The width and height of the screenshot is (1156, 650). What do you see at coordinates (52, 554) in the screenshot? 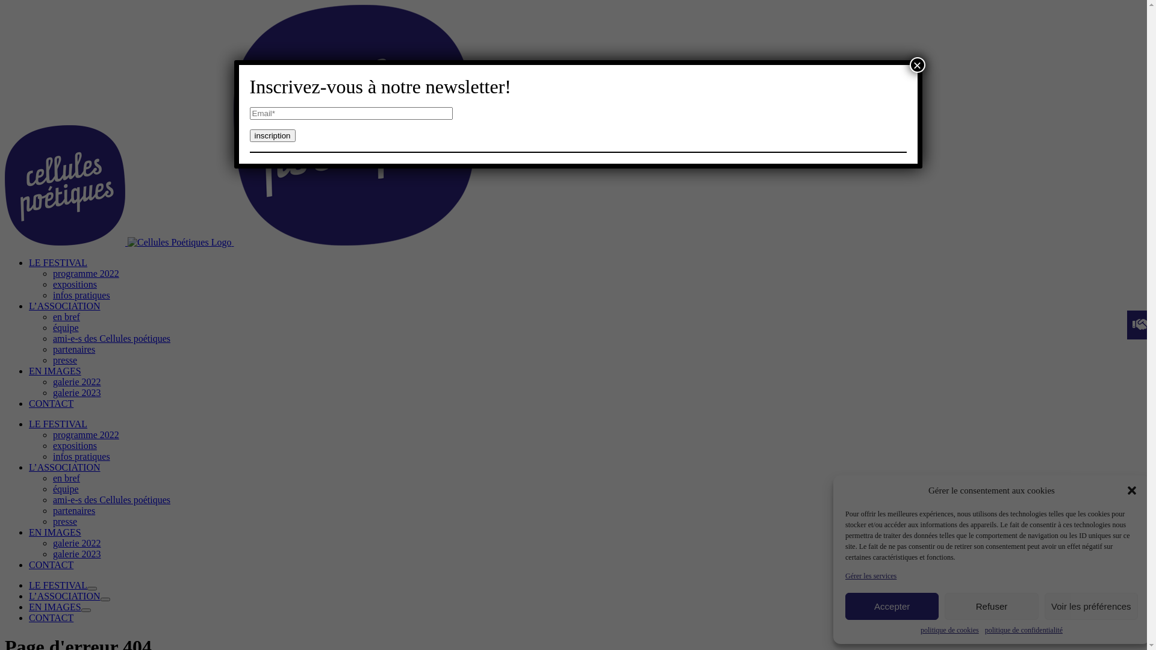
I see `'galerie 2023'` at bounding box center [52, 554].